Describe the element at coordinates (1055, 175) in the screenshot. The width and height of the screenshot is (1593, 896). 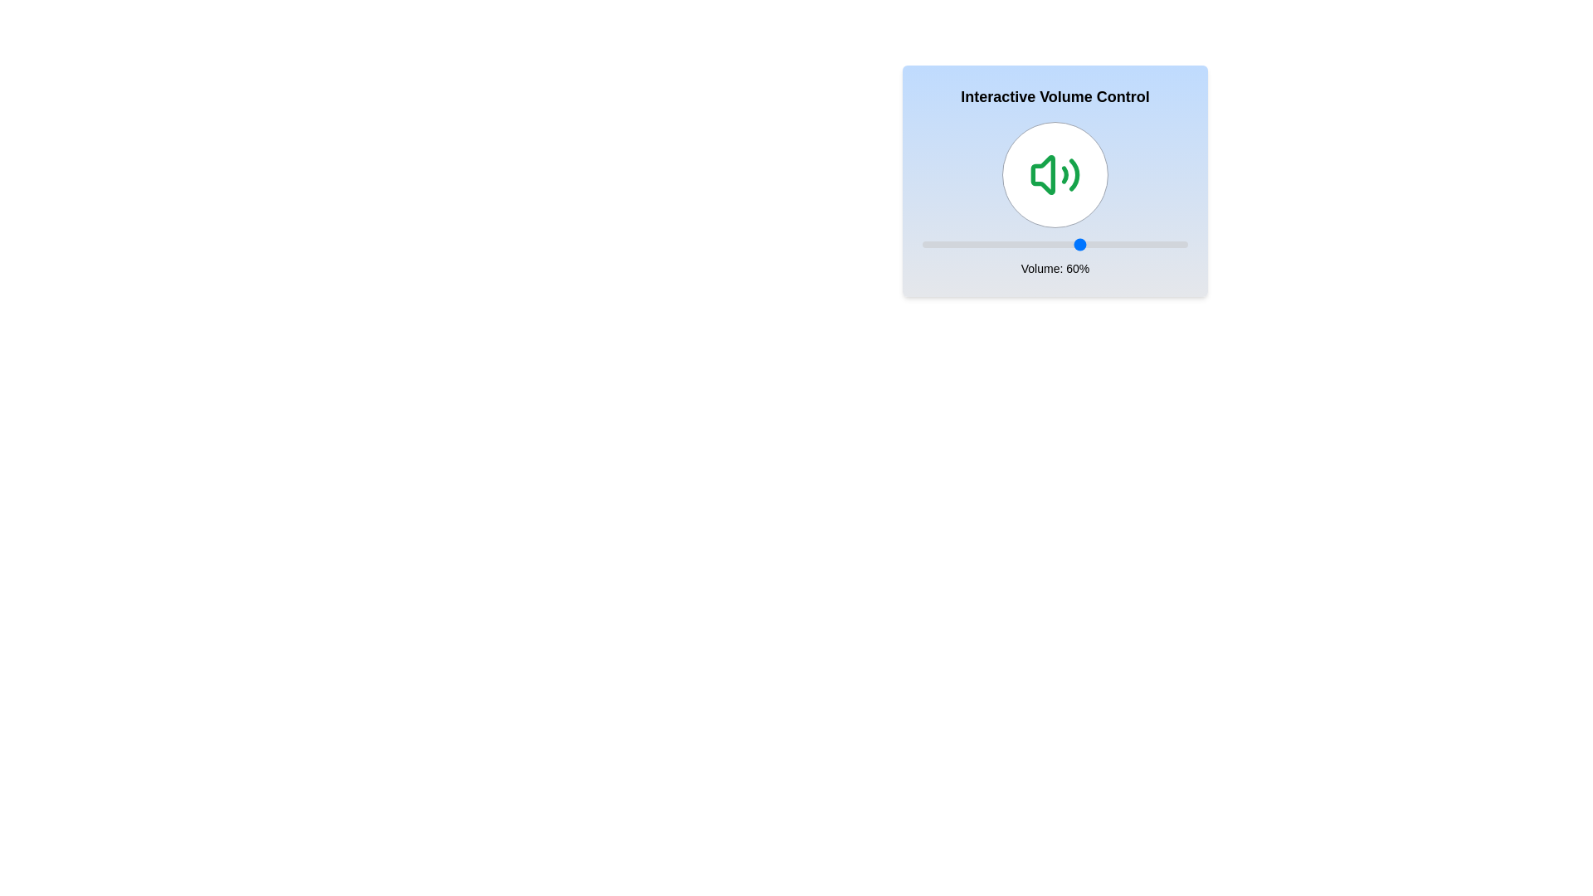
I see `the audio icon to toggle its state` at that location.